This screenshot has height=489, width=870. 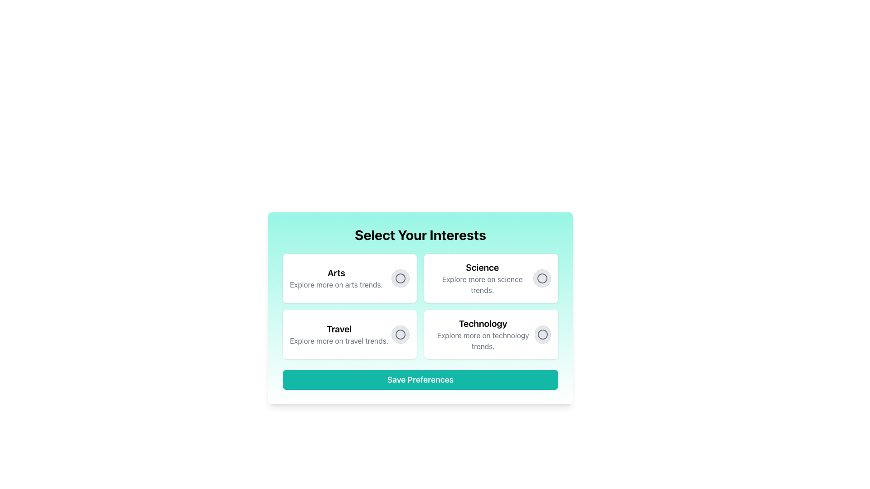 I want to click on the text label providing additional context for the 'Technology' category located below the 'Technology' text in the bottom-right corner of the grid layout, so click(x=483, y=340).